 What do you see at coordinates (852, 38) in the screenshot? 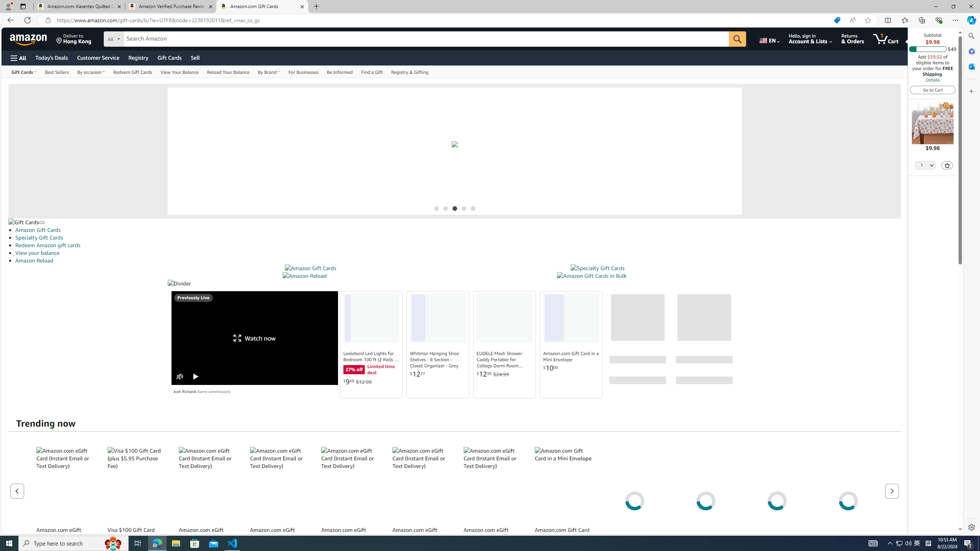
I see `'Returns & Orders'` at bounding box center [852, 38].